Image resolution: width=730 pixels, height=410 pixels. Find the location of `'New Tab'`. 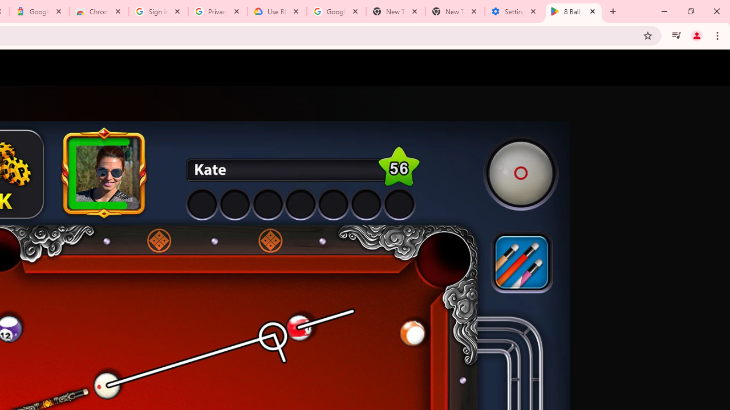

'New Tab' is located at coordinates (455, 11).